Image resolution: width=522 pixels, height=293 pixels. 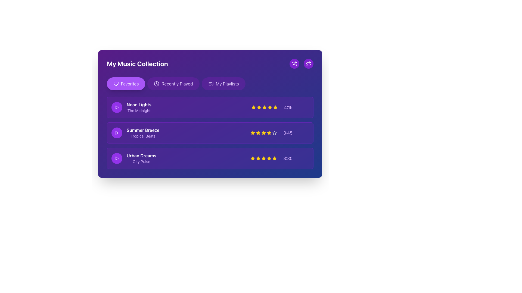 What do you see at coordinates (227, 84) in the screenshot?
I see `the 'My Playlists' button, which is the third option in a group of buttons styled with white text on a dark purple background` at bounding box center [227, 84].